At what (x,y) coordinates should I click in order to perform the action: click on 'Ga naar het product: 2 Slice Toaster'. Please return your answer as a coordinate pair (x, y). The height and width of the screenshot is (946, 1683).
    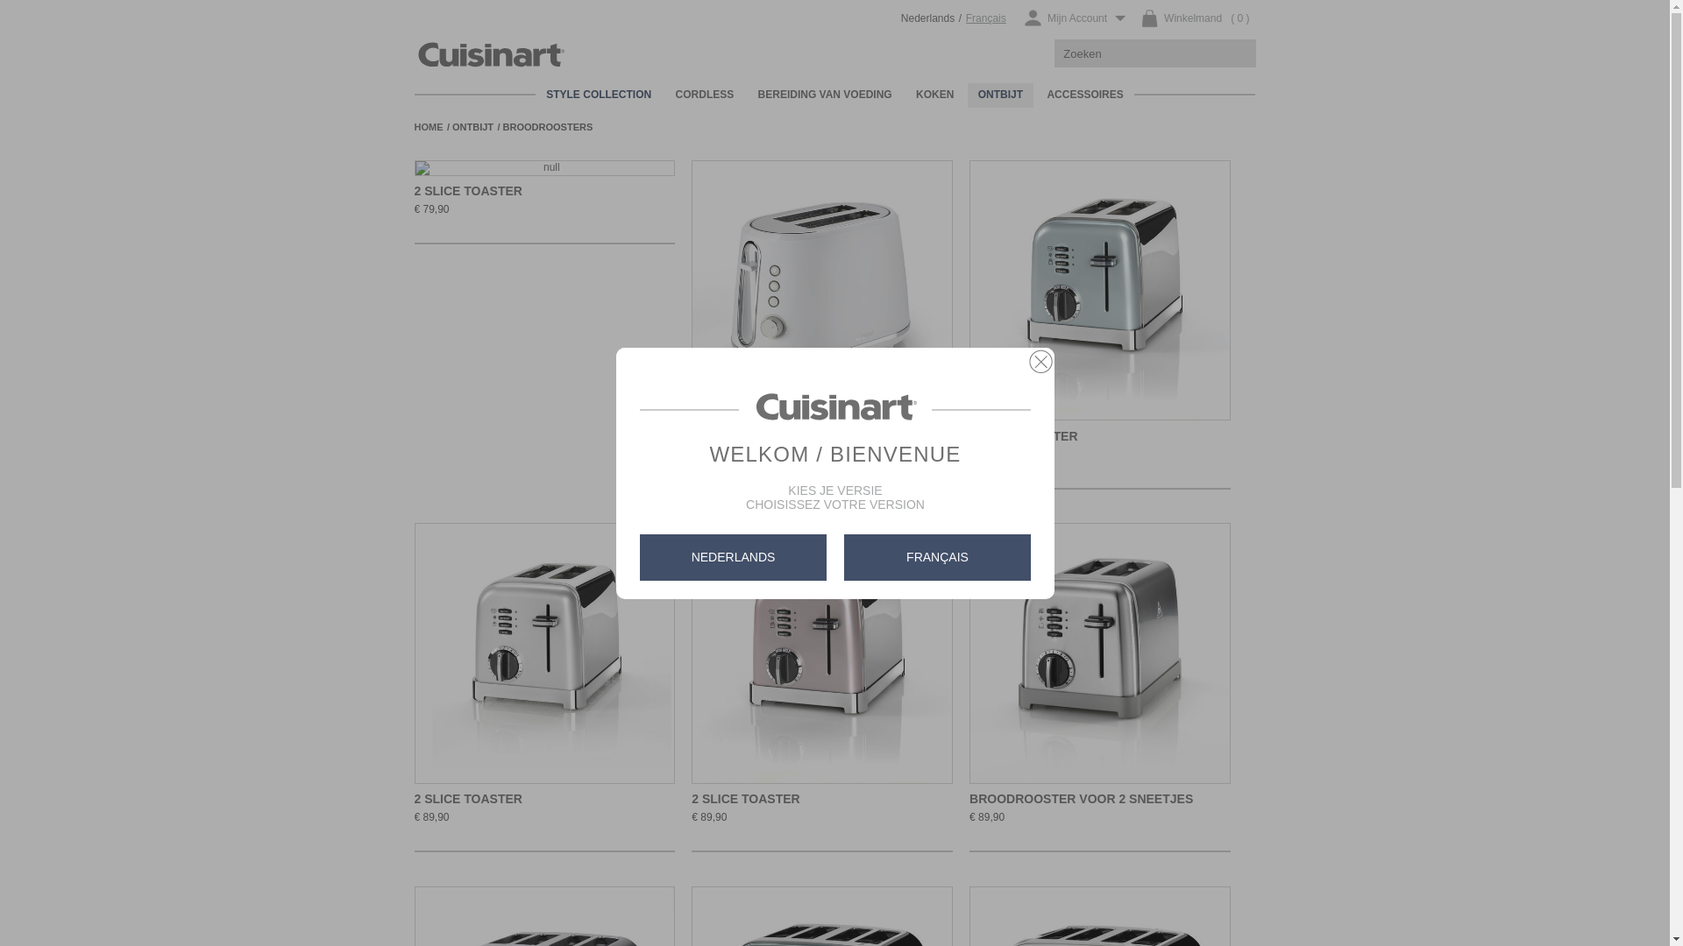
    Looking at the image, I should click on (820, 653).